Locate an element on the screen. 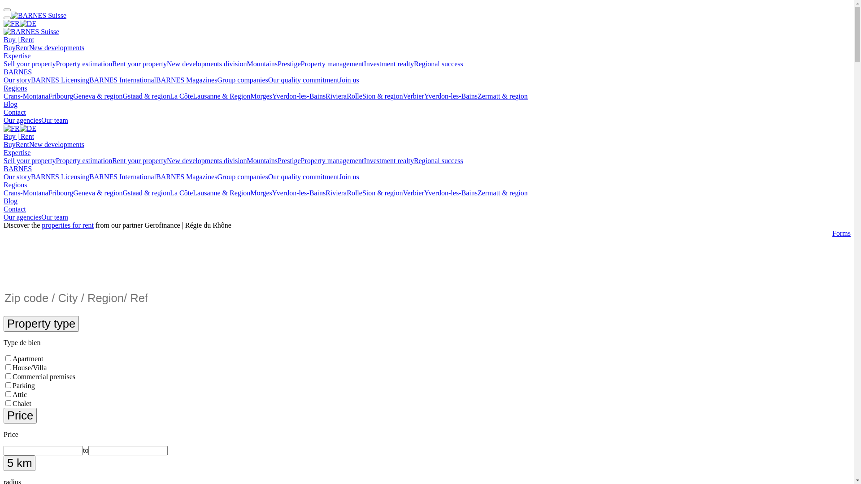  'Regions' is located at coordinates (15, 88).